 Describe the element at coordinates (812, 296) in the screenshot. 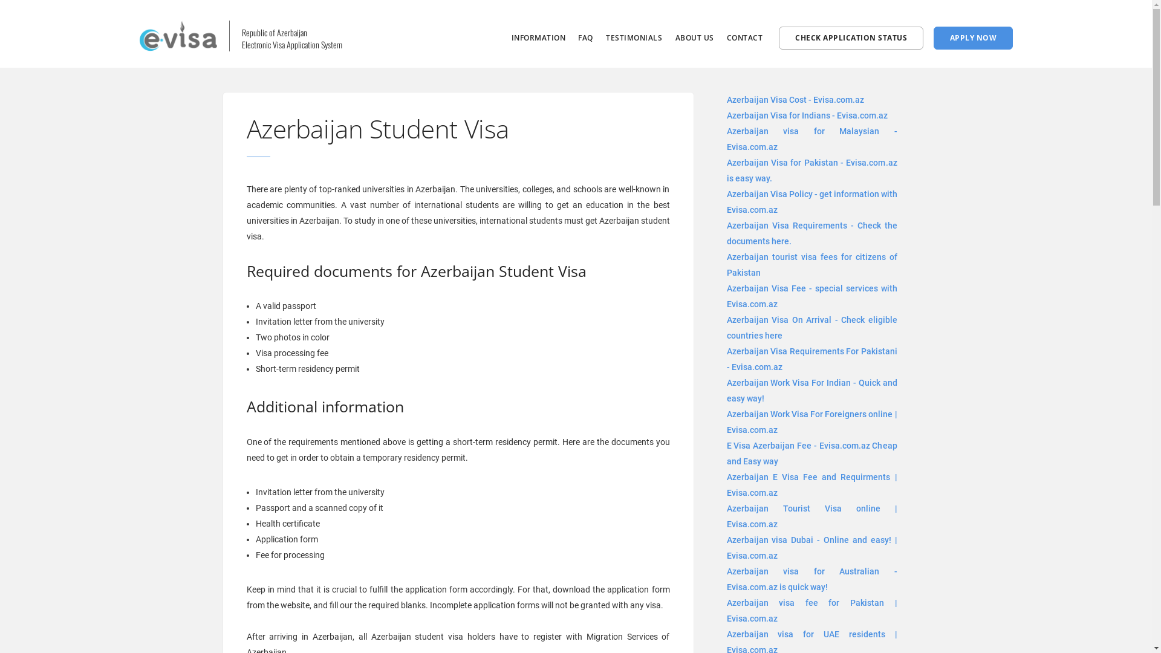

I see `'Azerbaijan Visa Fee - special services with Evisa.com.az'` at that location.